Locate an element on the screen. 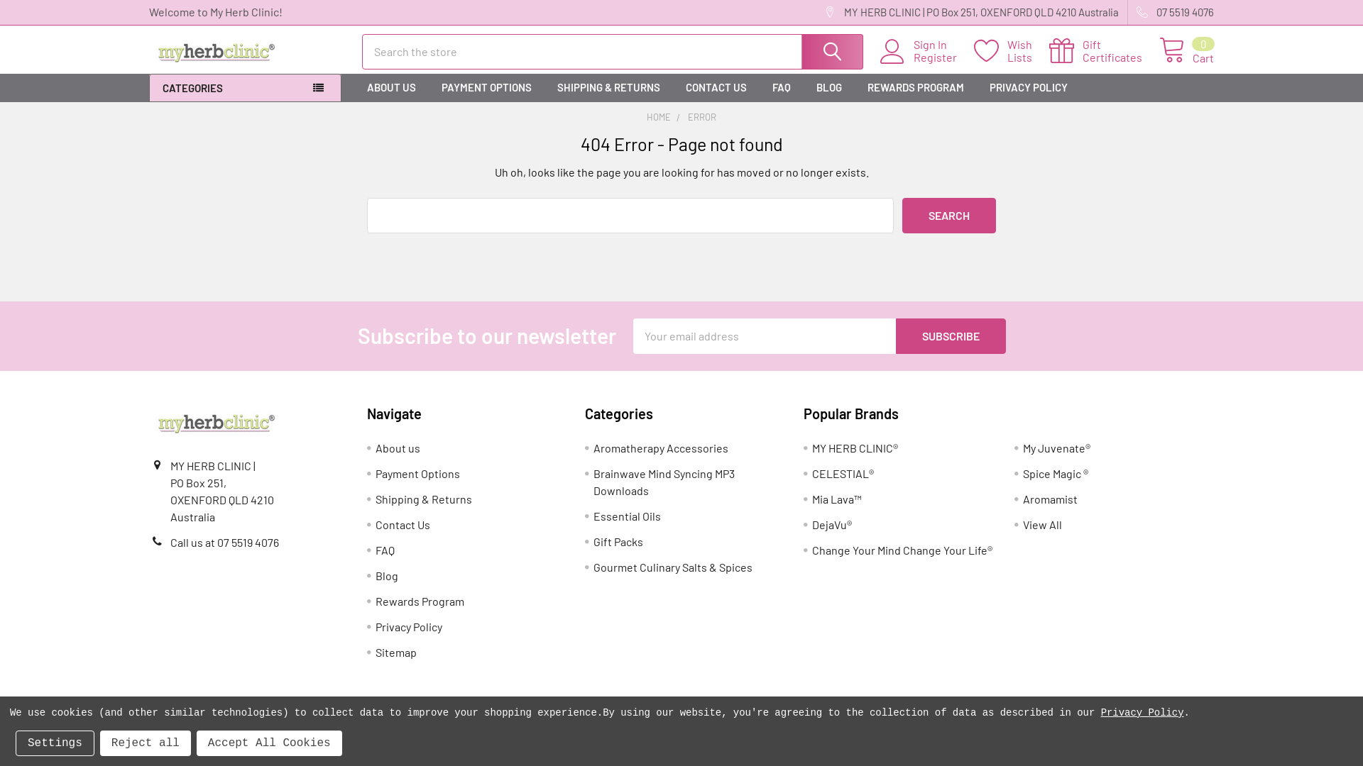  'ABOUT US' is located at coordinates (391, 87).